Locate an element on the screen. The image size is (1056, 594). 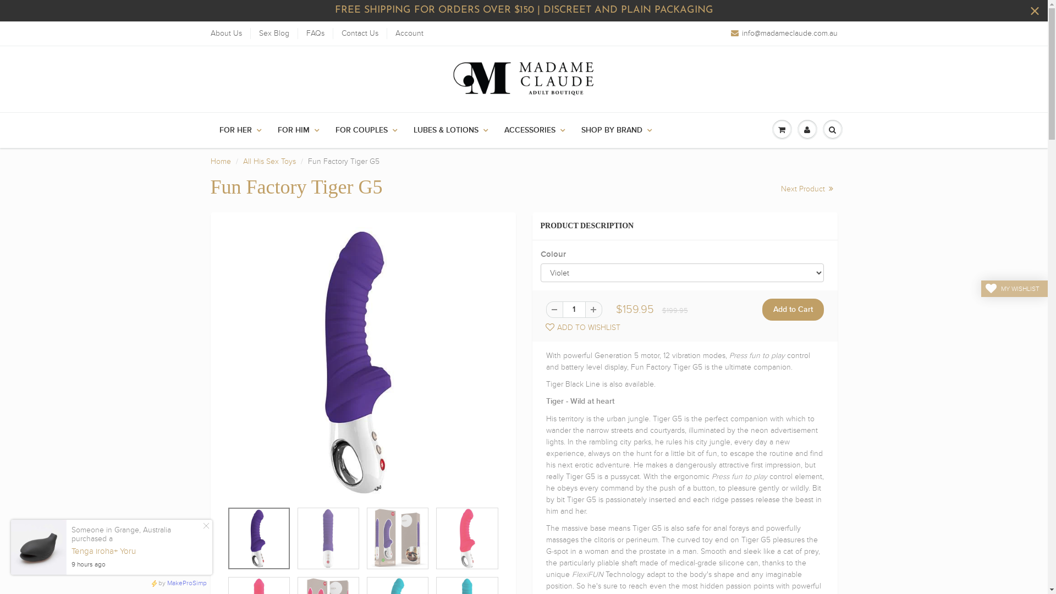
'Next Product' is located at coordinates (777, 188).